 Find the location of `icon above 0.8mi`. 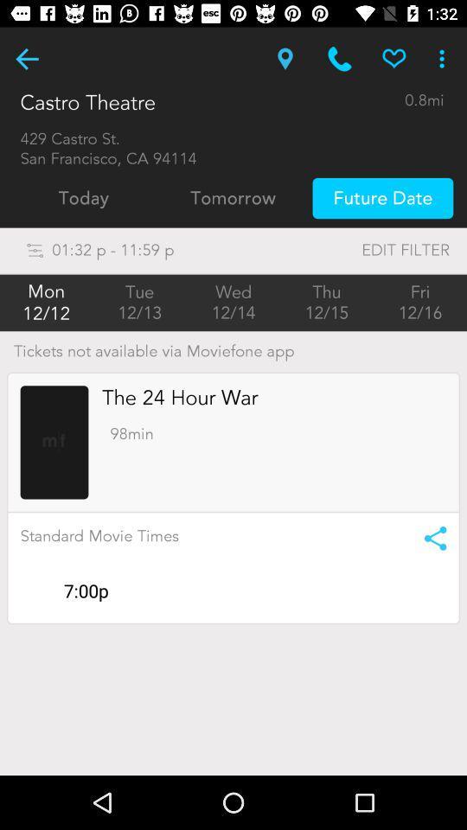

icon above 0.8mi is located at coordinates (393, 59).